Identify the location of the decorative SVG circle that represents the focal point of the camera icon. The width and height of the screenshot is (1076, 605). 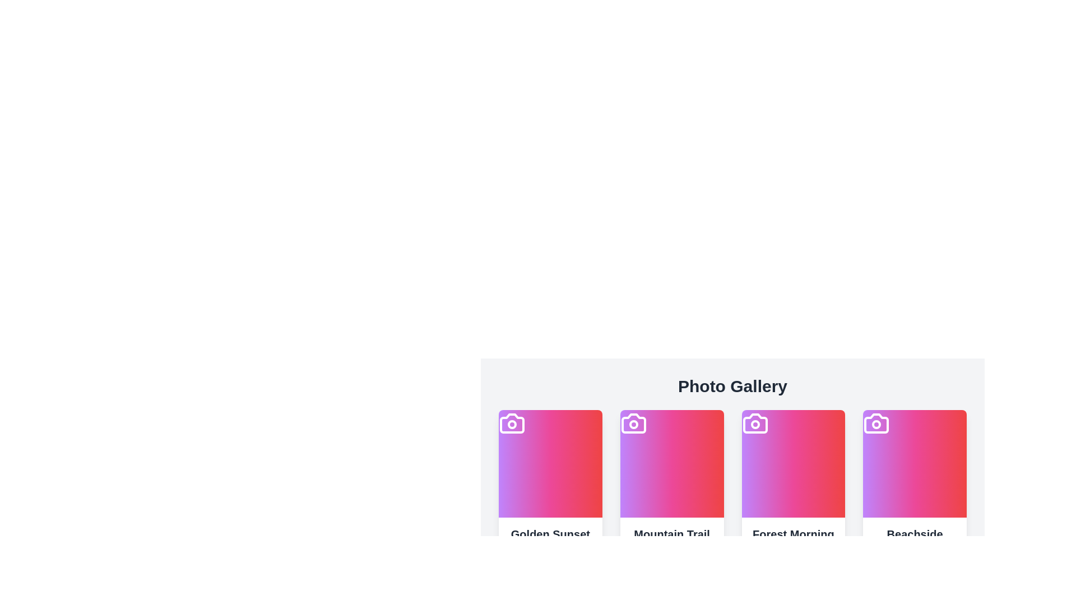
(511, 425).